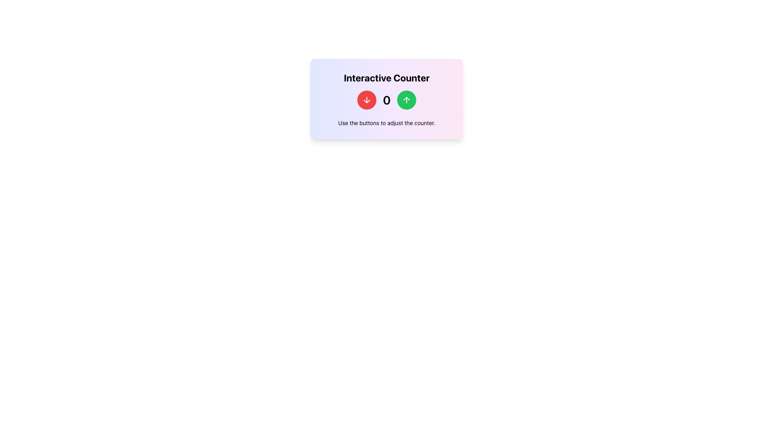 This screenshot has height=429, width=764. What do you see at coordinates (366, 99) in the screenshot?
I see `the circular red button with a white downward arrow icon to decrement the counter display located to its right` at bounding box center [366, 99].